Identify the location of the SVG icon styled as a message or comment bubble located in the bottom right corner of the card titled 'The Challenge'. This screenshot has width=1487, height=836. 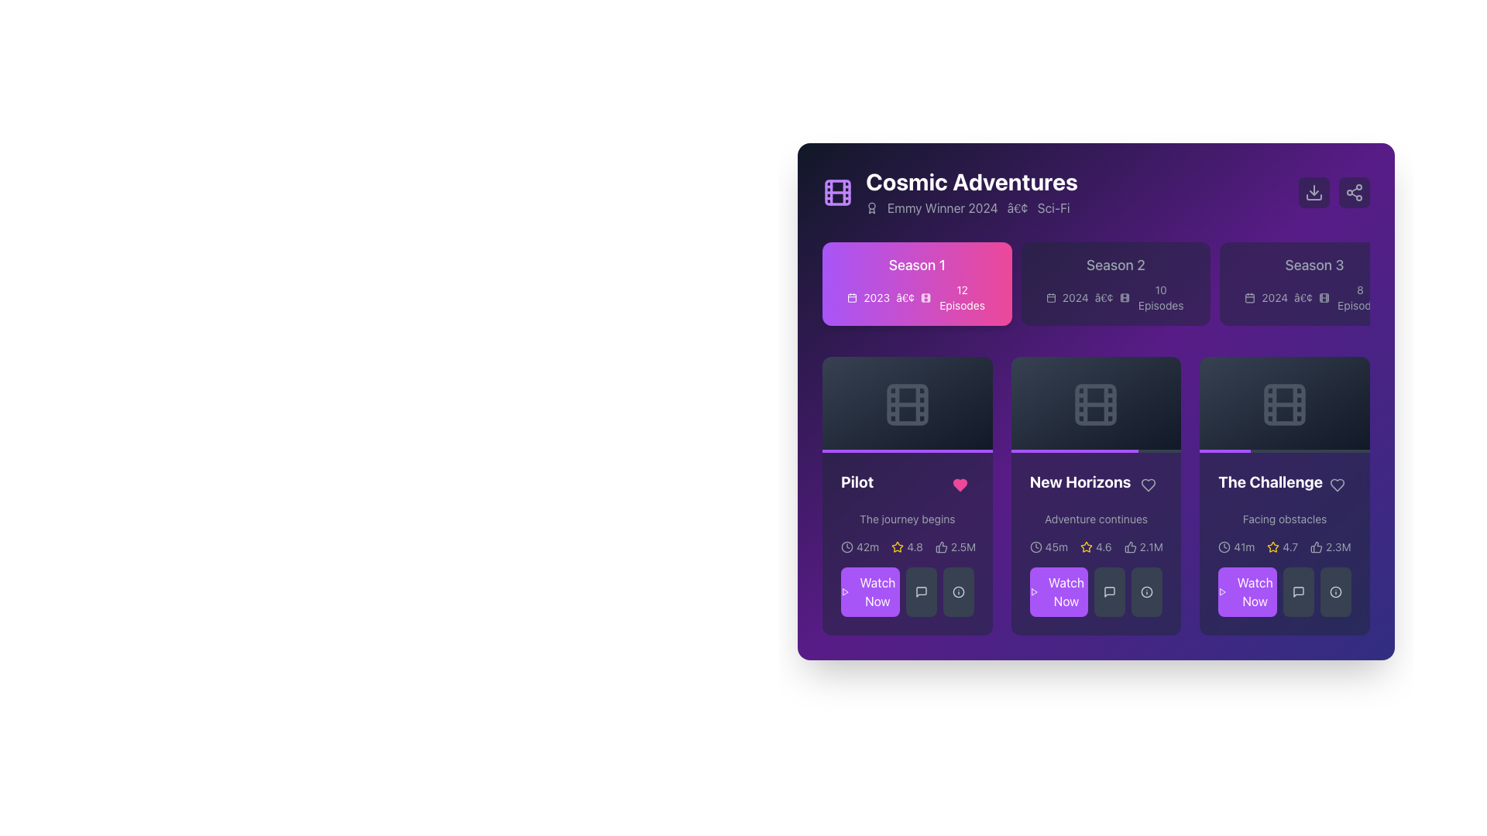
(1298, 591).